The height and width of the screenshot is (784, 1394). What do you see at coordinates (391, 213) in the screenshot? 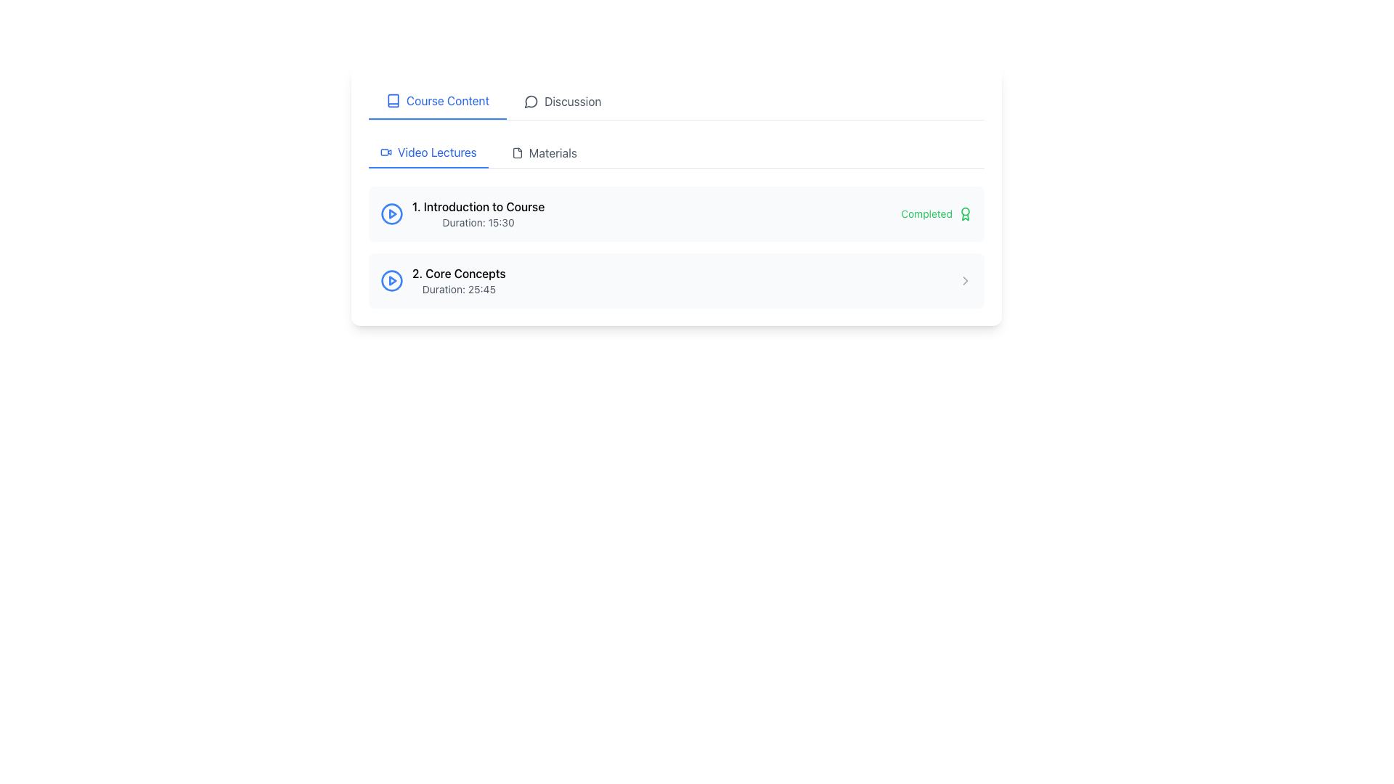
I see `properties of the circular decorative graphic component located next to the text '1. Introduction to Course' within the video lectures list` at bounding box center [391, 213].